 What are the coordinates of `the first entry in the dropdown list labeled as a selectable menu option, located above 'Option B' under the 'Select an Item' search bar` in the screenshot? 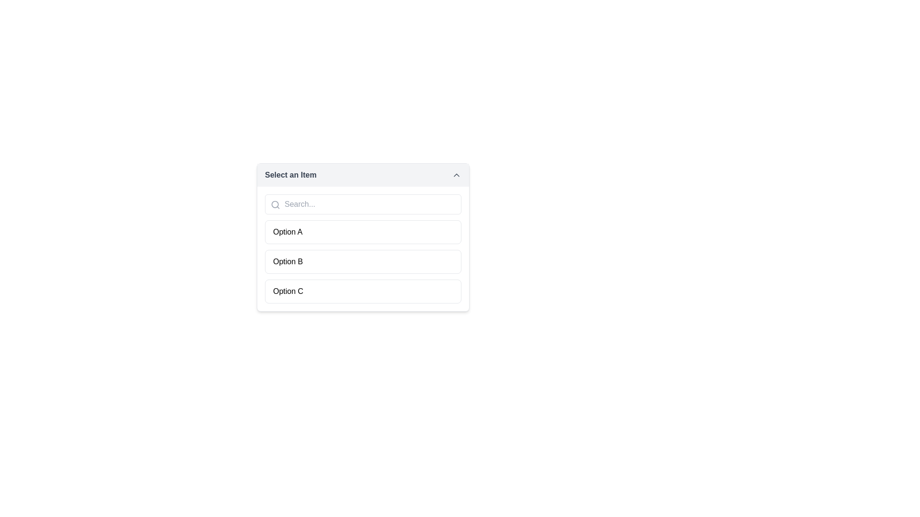 It's located at (287, 232).